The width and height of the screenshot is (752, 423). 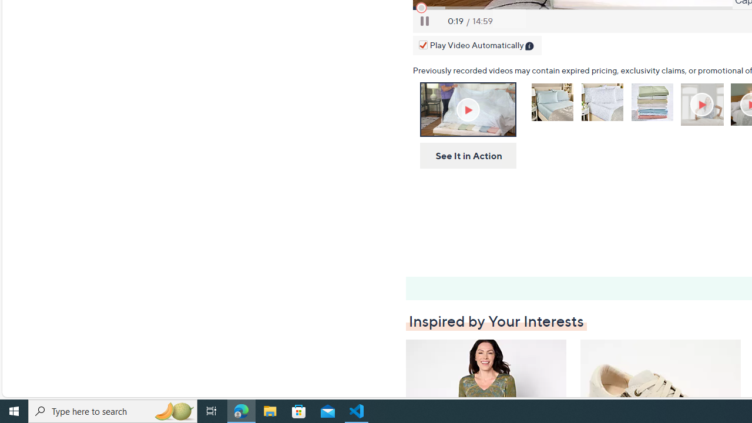 What do you see at coordinates (467, 109) in the screenshot?
I see `'On-Air Presentation'` at bounding box center [467, 109].